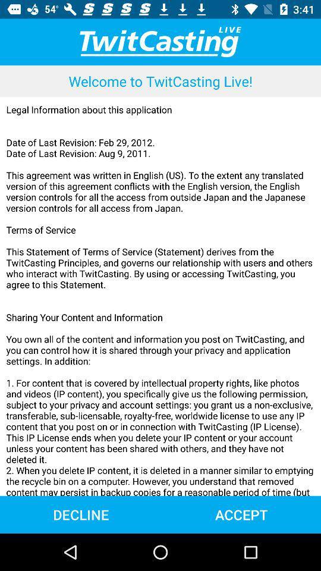  Describe the element at coordinates (241, 514) in the screenshot. I see `the item to the right of the decline` at that location.